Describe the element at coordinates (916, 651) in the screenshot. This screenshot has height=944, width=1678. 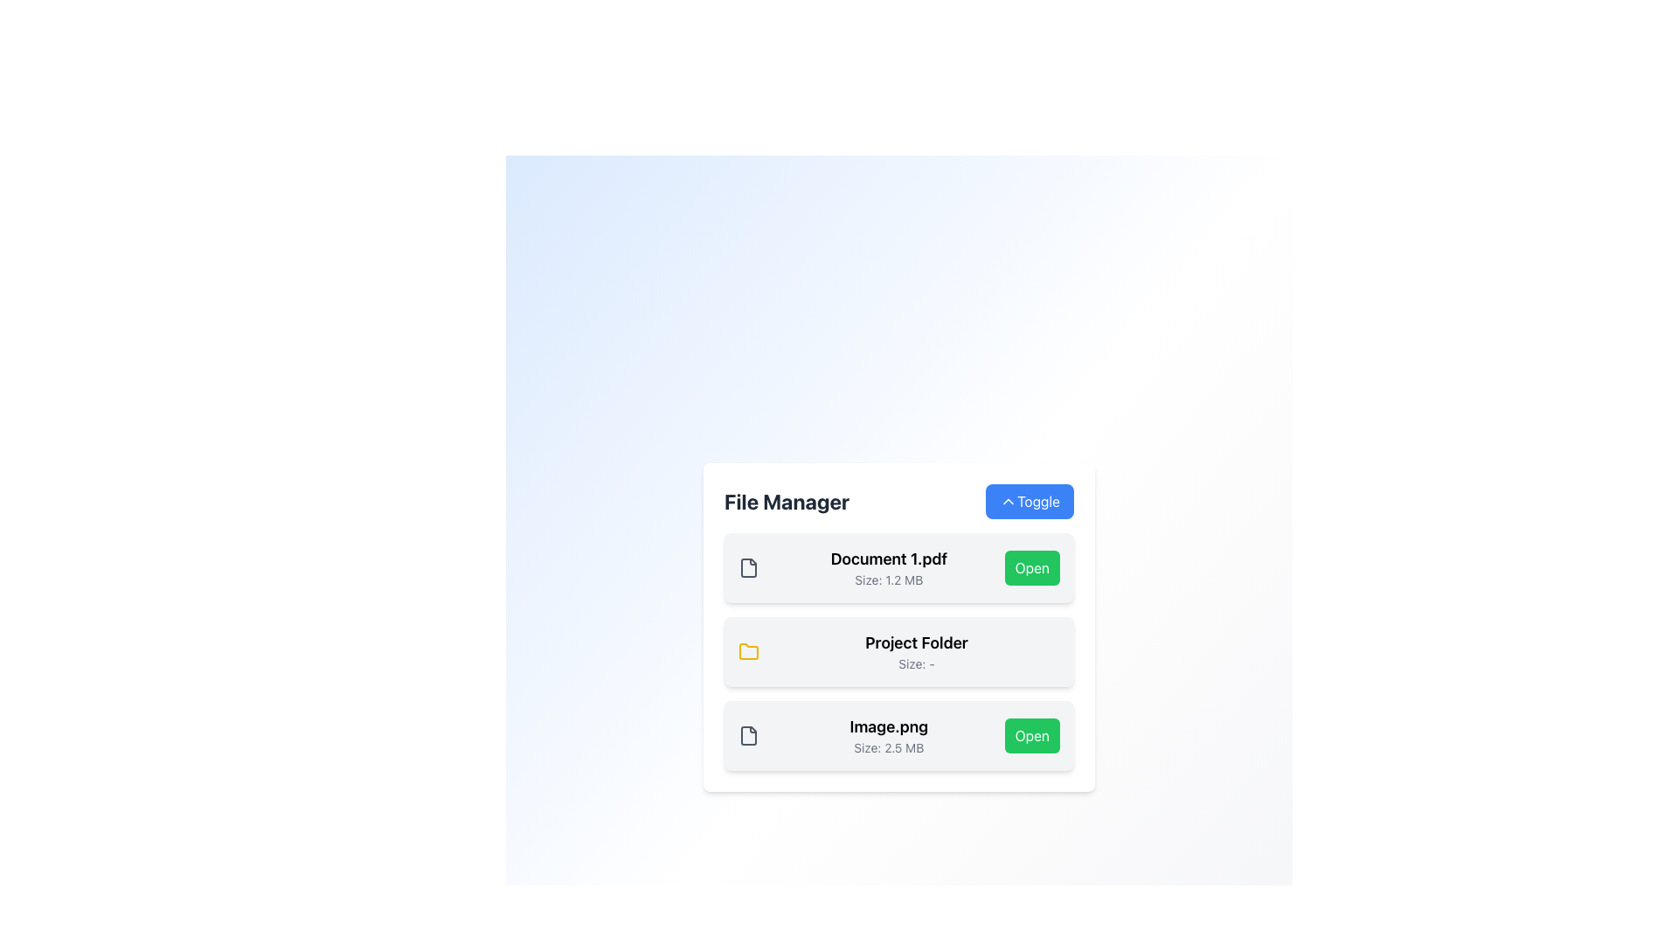
I see `the text label providing the title 'Project Folder' located in the second card of a vertical list of three cards in the file manager interface` at that location.